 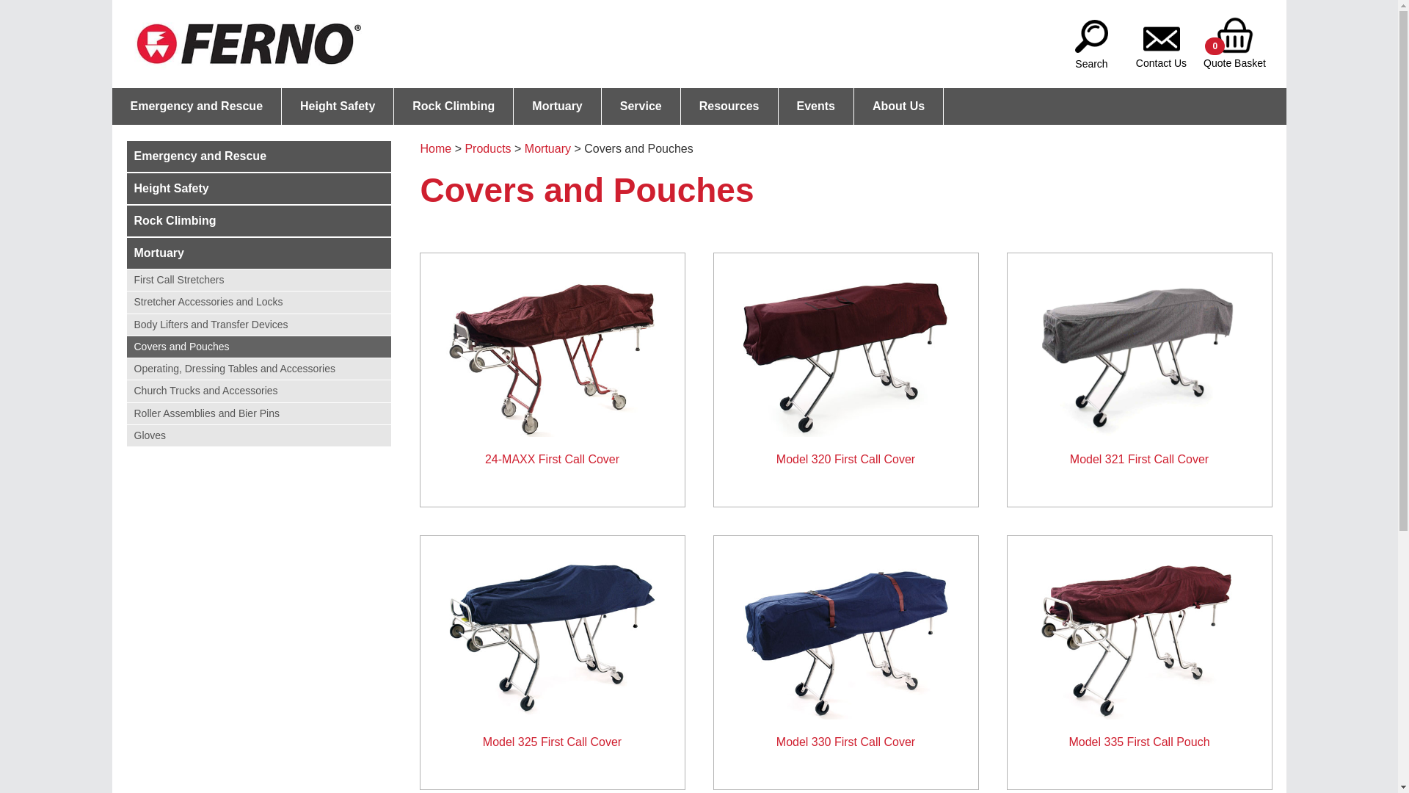 What do you see at coordinates (898, 106) in the screenshot?
I see `'About Us'` at bounding box center [898, 106].